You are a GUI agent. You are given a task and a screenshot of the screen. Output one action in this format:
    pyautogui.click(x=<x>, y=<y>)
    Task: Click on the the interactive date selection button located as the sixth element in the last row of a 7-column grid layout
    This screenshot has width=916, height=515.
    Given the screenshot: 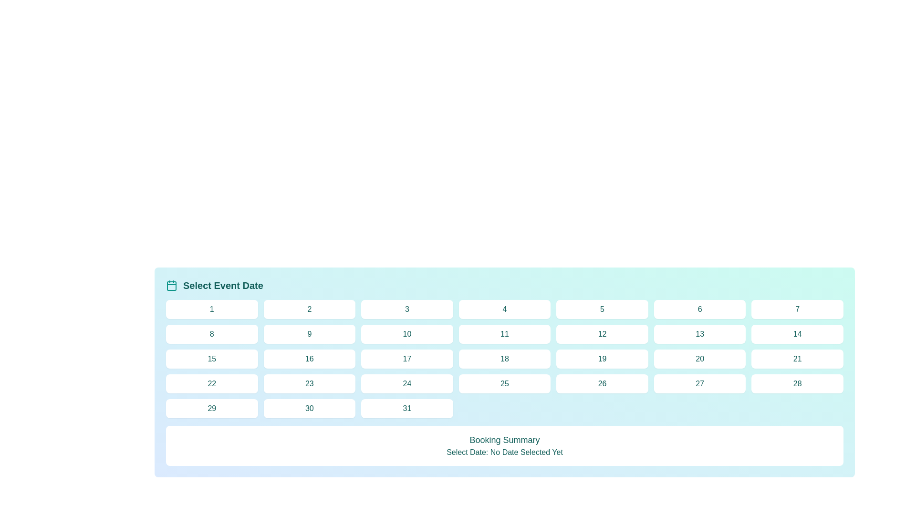 What is the action you would take?
    pyautogui.click(x=309, y=408)
    